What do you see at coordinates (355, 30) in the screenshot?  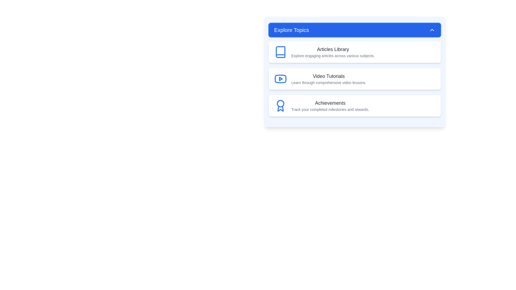 I see `the 'Explore Topics' button to toggle the menu visibility` at bounding box center [355, 30].